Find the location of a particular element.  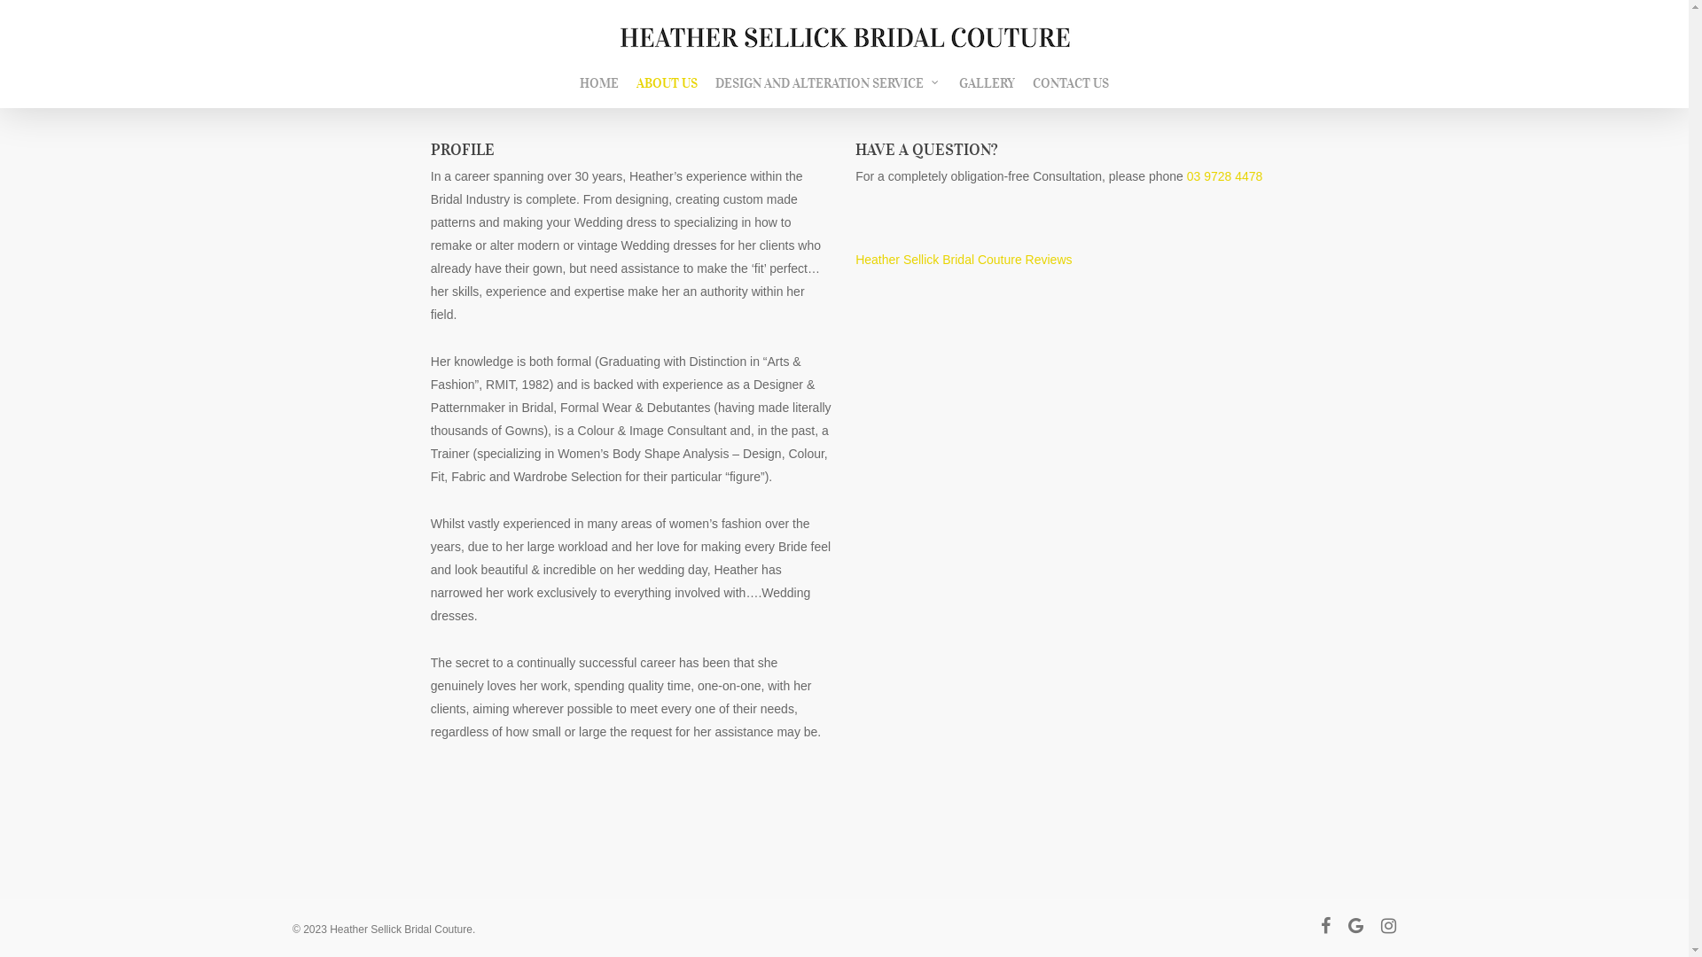

'03 9728 4478' is located at coordinates (1224, 176).